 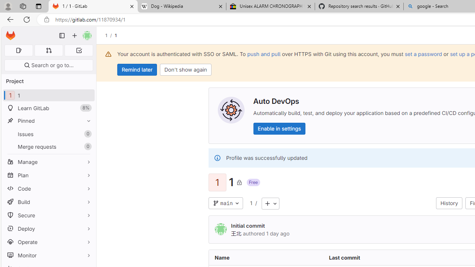 I want to click on 'Dog - Wikipedia', so click(x=182, y=6).